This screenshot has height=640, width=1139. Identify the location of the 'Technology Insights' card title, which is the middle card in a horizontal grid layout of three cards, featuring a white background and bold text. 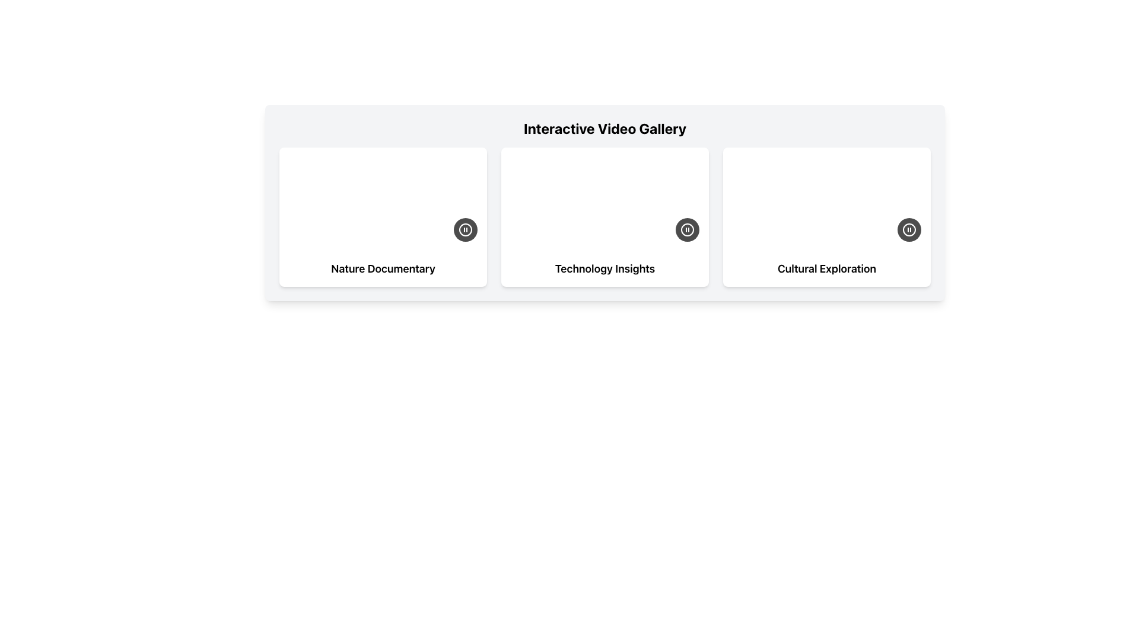
(605, 269).